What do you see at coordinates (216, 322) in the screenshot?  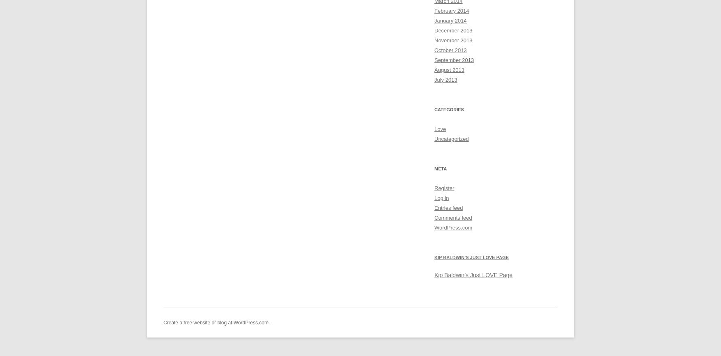 I see `'Create a free website or blog at WordPress.com.'` at bounding box center [216, 322].